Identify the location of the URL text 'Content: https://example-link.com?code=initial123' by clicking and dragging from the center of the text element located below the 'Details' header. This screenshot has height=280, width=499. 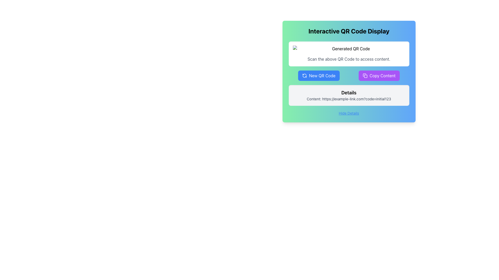
(349, 99).